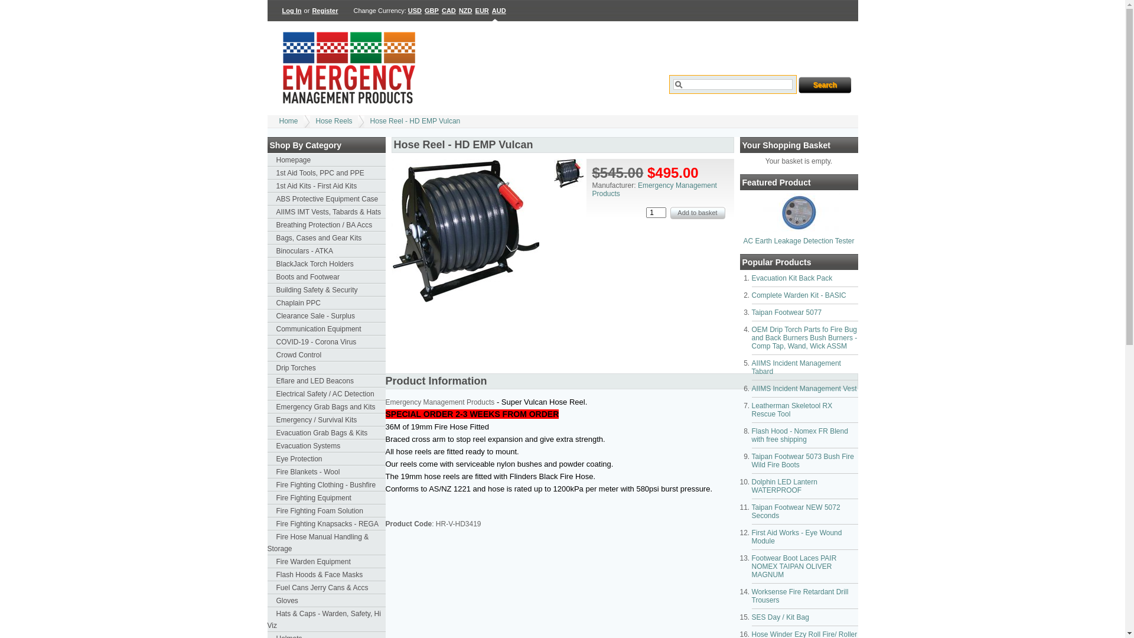 The width and height of the screenshot is (1134, 638). What do you see at coordinates (266, 542) in the screenshot?
I see `'Fire Hose Manual Handling & Storage'` at bounding box center [266, 542].